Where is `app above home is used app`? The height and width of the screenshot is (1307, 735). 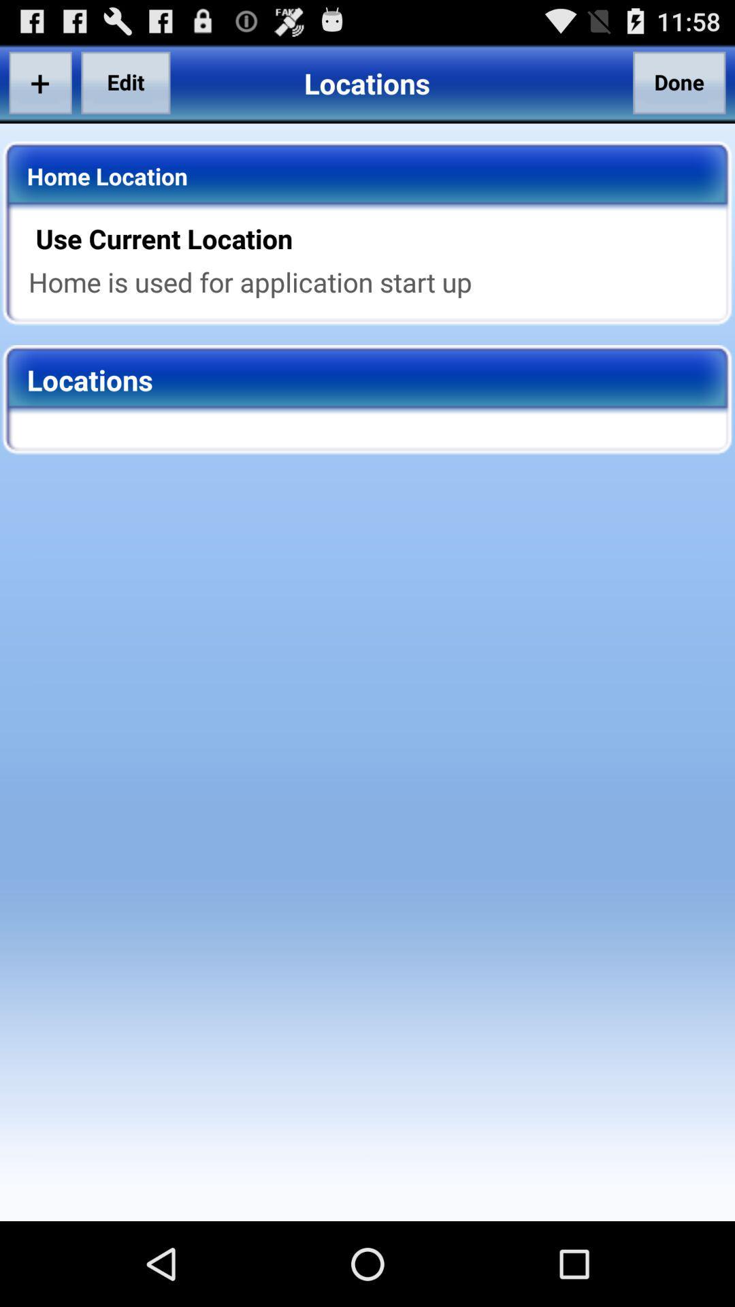 app above home is used app is located at coordinates (376, 238).